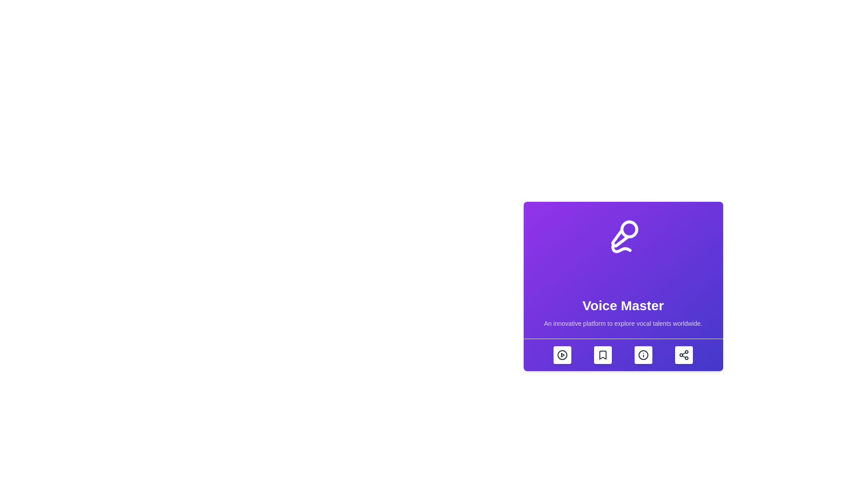  I want to click on the innermost circular shape of the microphone icon, which is centered within a prominent purple square background, so click(628, 233).